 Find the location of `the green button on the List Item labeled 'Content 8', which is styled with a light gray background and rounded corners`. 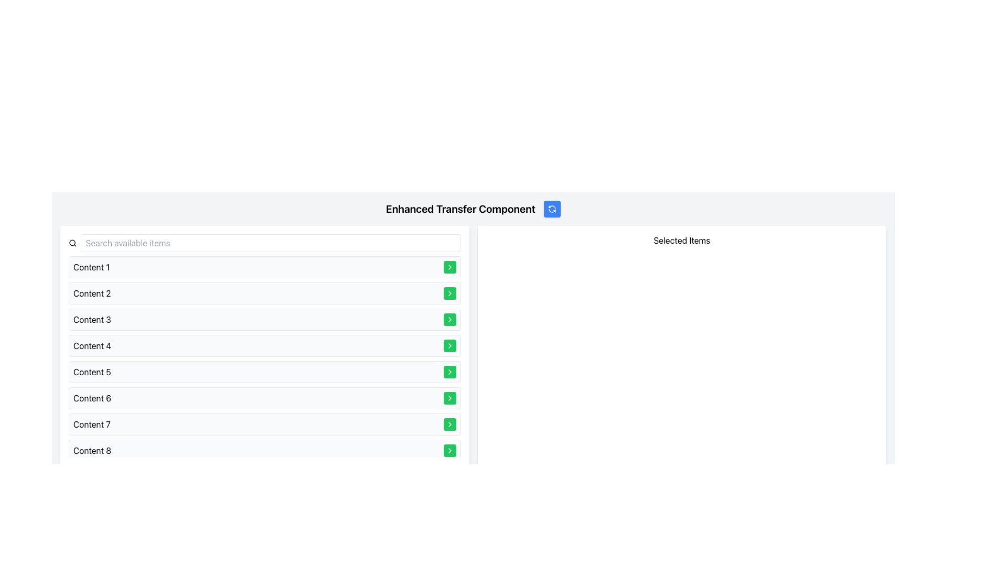

the green button on the List Item labeled 'Content 8', which is styled with a light gray background and rounded corners is located at coordinates (264, 450).